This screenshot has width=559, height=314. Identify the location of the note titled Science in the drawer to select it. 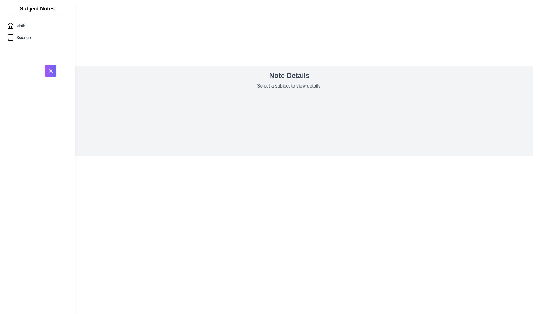
(37, 37).